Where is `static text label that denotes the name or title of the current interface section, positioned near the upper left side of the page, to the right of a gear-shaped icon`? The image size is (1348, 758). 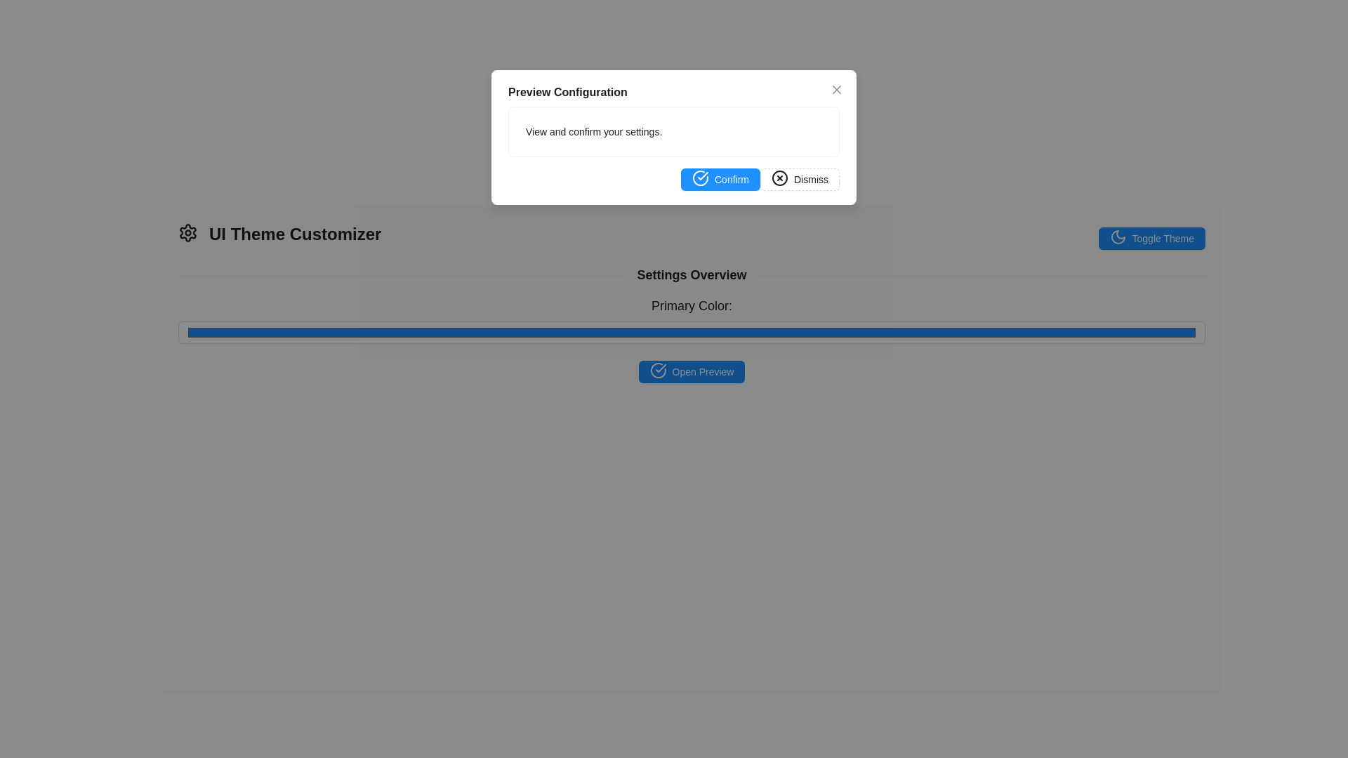 static text label that denotes the name or title of the current interface section, positioned near the upper left side of the page, to the right of a gear-shaped icon is located at coordinates (294, 234).